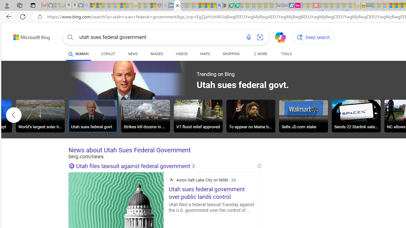 The image size is (406, 228). Describe the element at coordinates (303, 116) in the screenshot. I see `'Sells JD.com stake'` at that location.